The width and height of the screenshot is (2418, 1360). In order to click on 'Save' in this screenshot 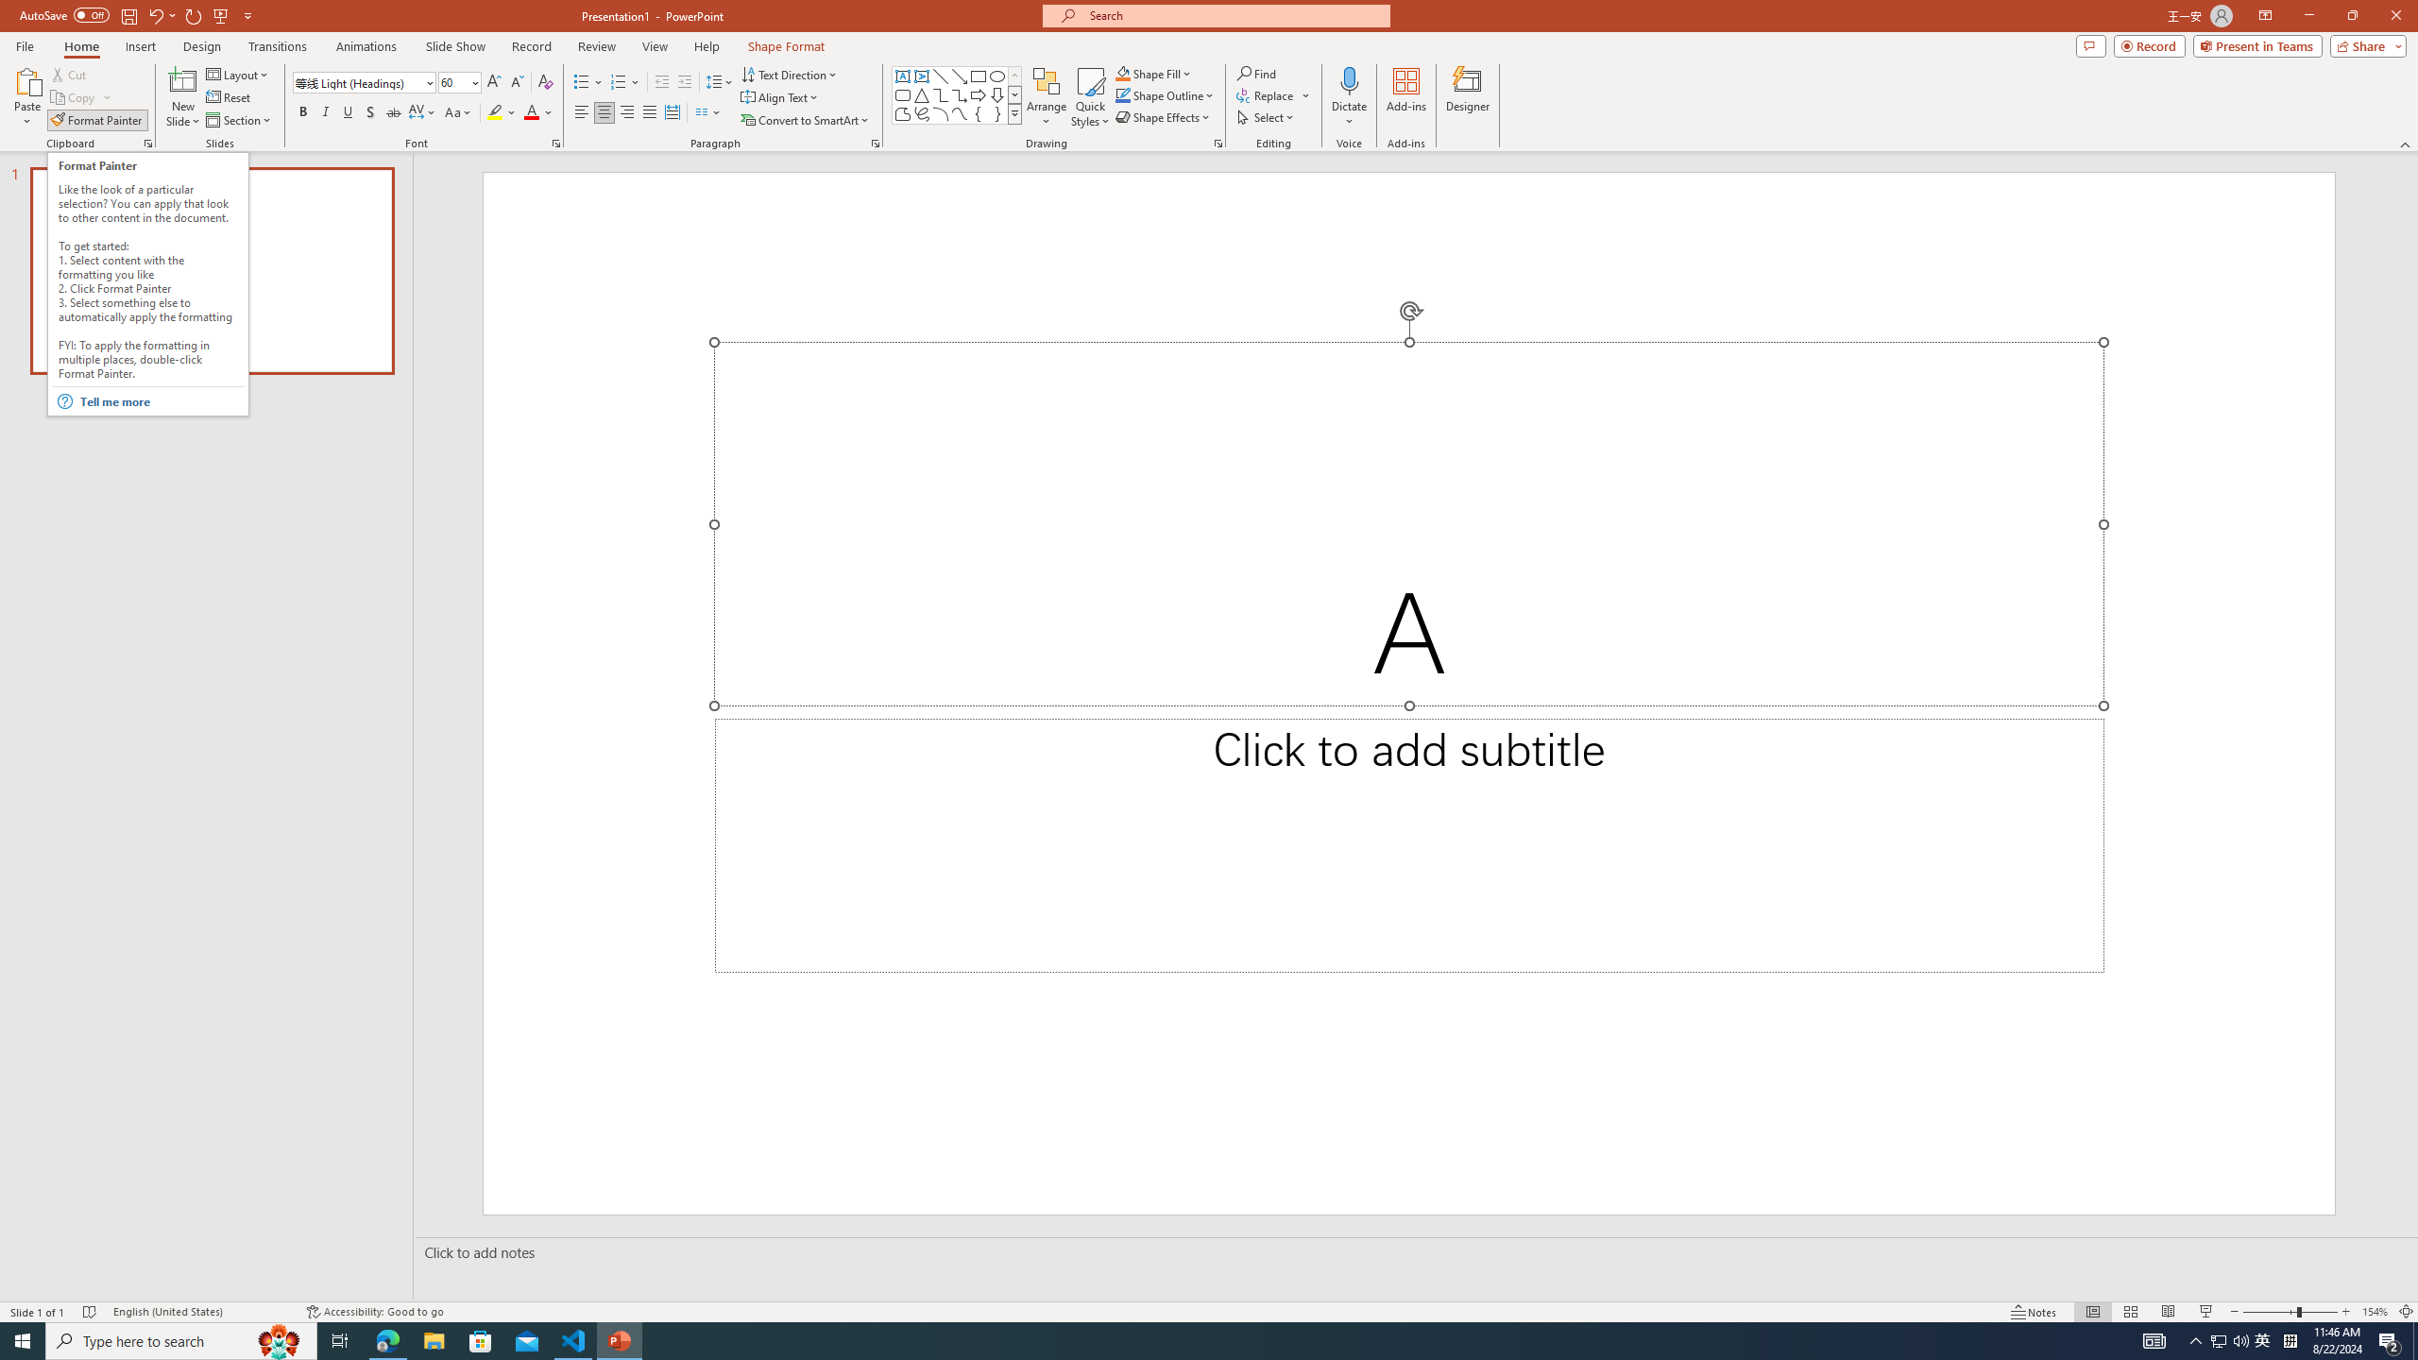, I will do `click(128, 14)`.